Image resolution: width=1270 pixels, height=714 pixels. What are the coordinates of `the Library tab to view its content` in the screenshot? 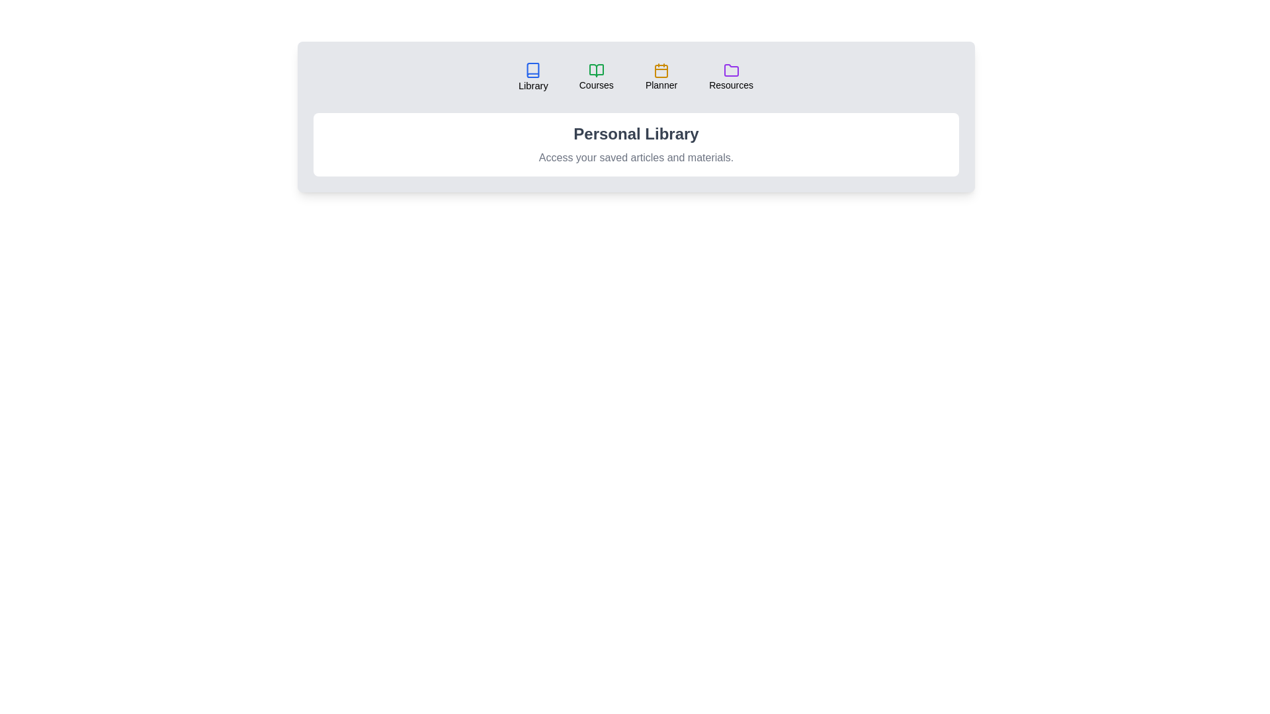 It's located at (533, 77).